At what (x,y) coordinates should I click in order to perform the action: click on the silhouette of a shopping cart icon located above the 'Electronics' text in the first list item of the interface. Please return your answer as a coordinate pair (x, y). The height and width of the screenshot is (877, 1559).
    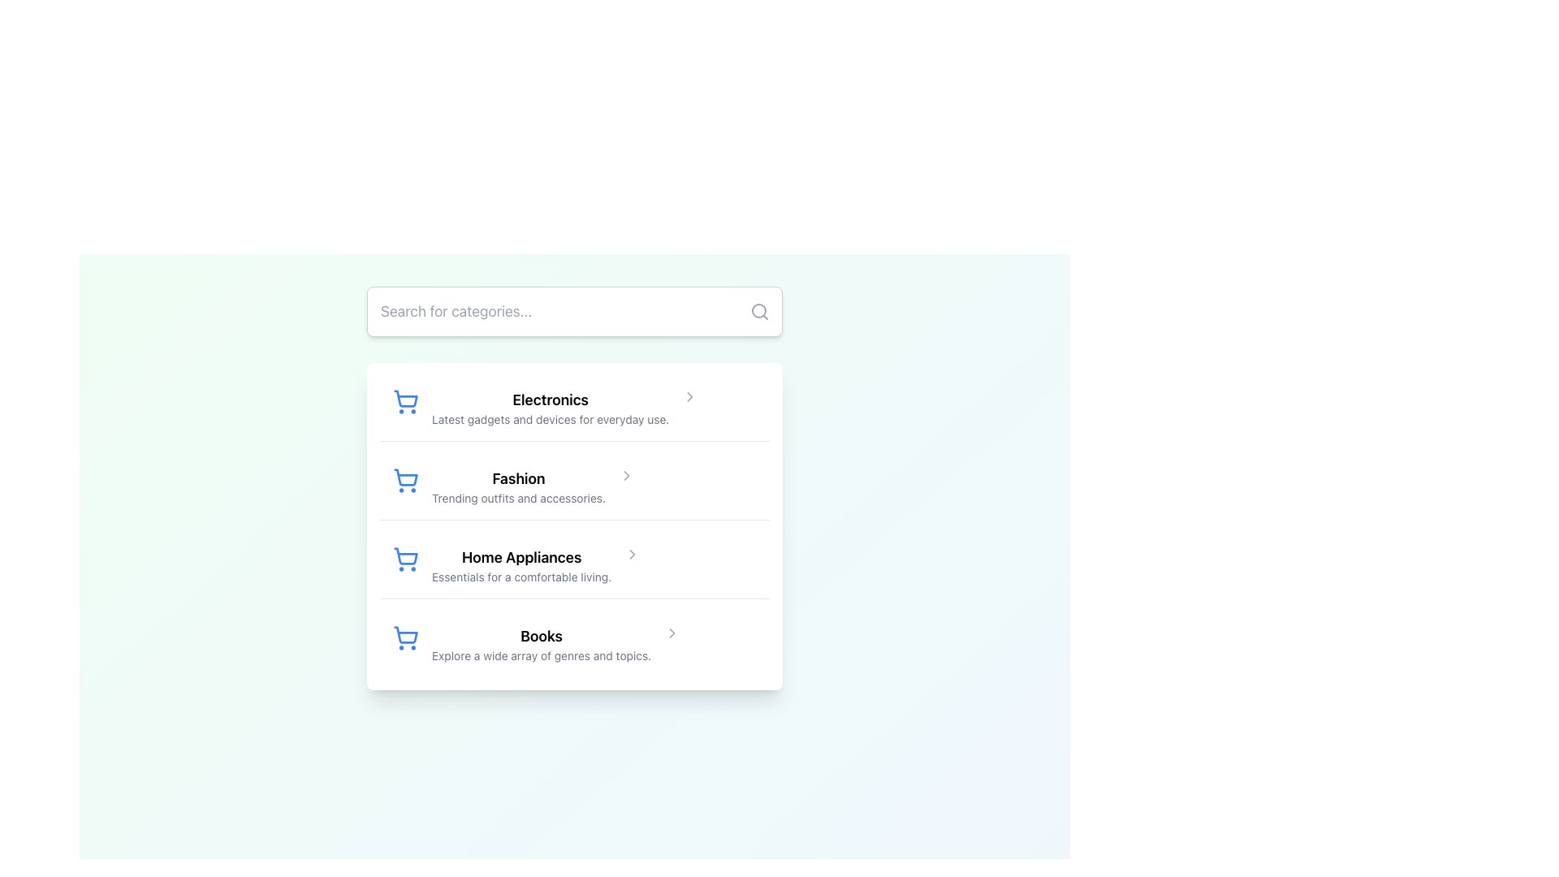
    Looking at the image, I should click on (406, 399).